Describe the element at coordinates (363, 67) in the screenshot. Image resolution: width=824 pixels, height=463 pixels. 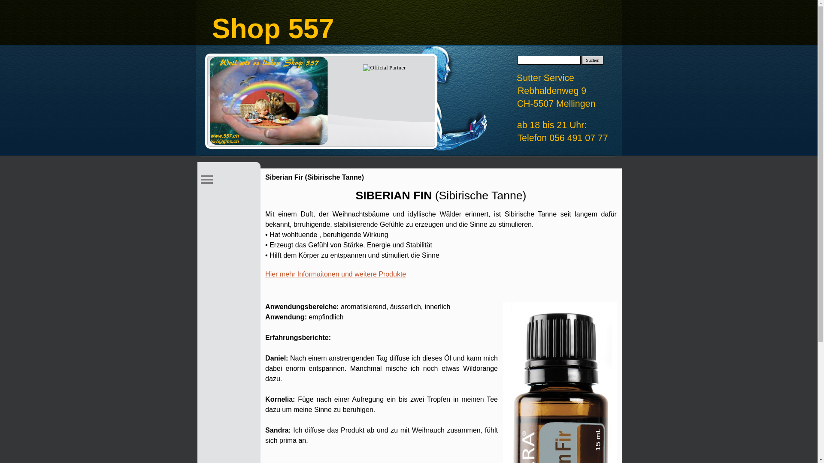
I see `'Official Partner'` at that location.